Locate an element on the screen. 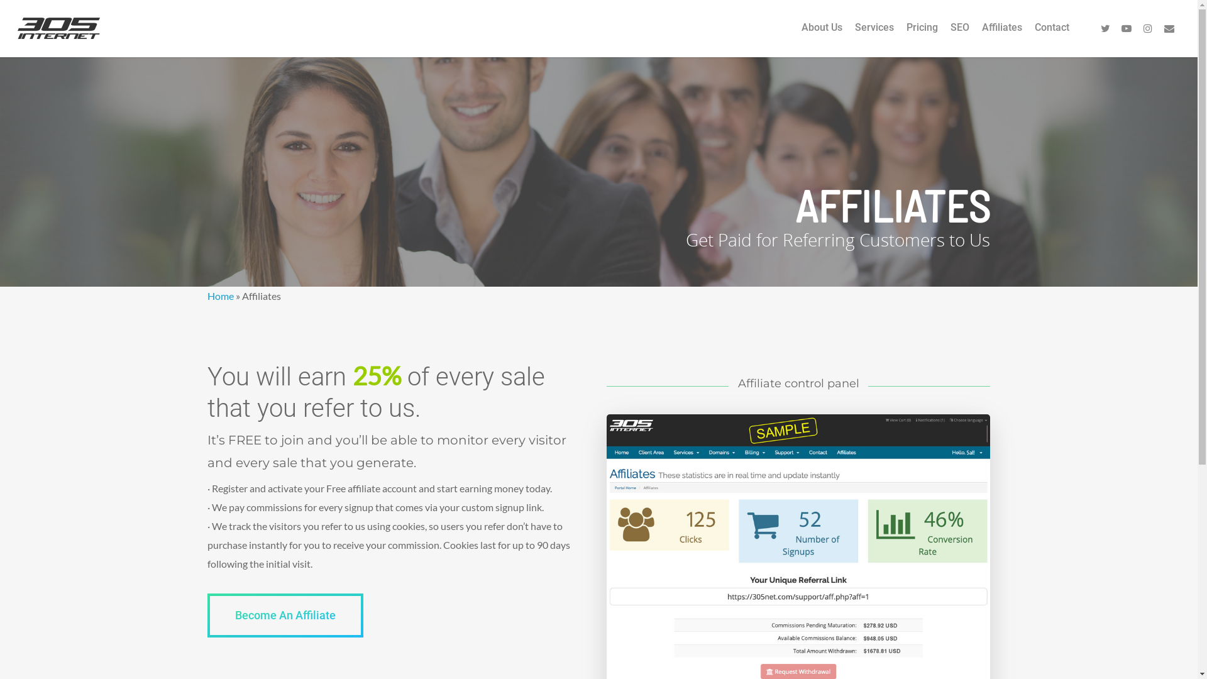 This screenshot has width=1207, height=679. 'Home' is located at coordinates (220, 295).